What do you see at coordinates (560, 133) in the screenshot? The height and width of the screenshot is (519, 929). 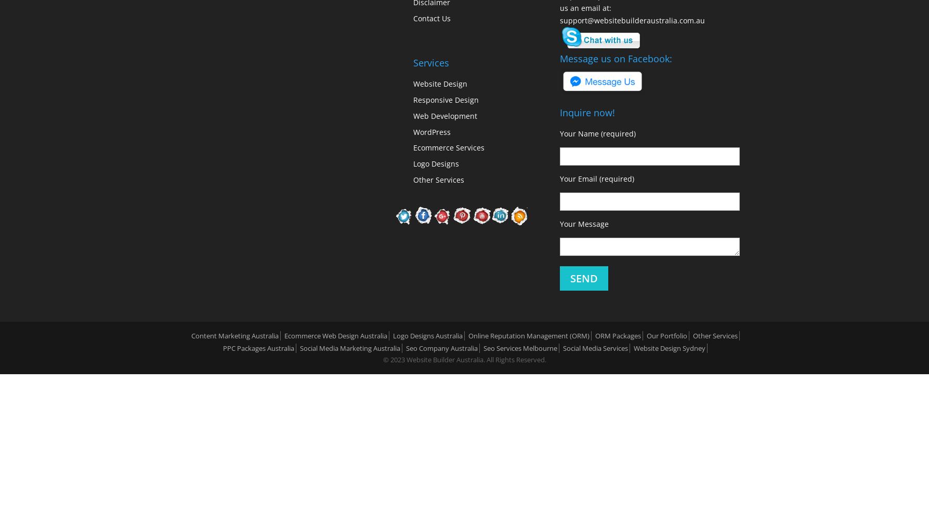 I see `'Your Name (required)'` at bounding box center [560, 133].